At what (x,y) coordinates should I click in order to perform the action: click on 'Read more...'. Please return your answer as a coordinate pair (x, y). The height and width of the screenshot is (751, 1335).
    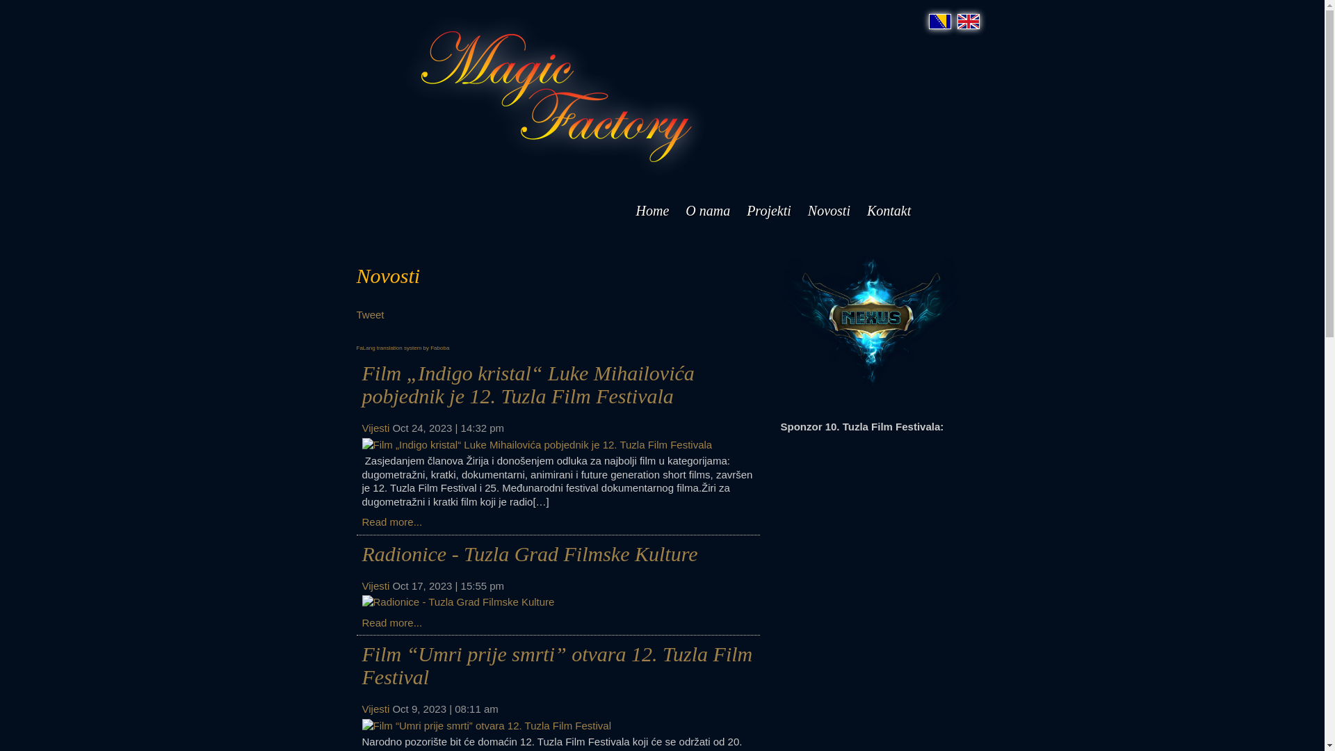
    Looking at the image, I should click on (391, 522).